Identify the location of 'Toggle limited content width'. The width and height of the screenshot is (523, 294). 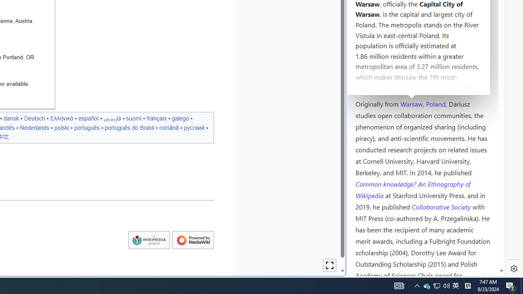
(330, 265).